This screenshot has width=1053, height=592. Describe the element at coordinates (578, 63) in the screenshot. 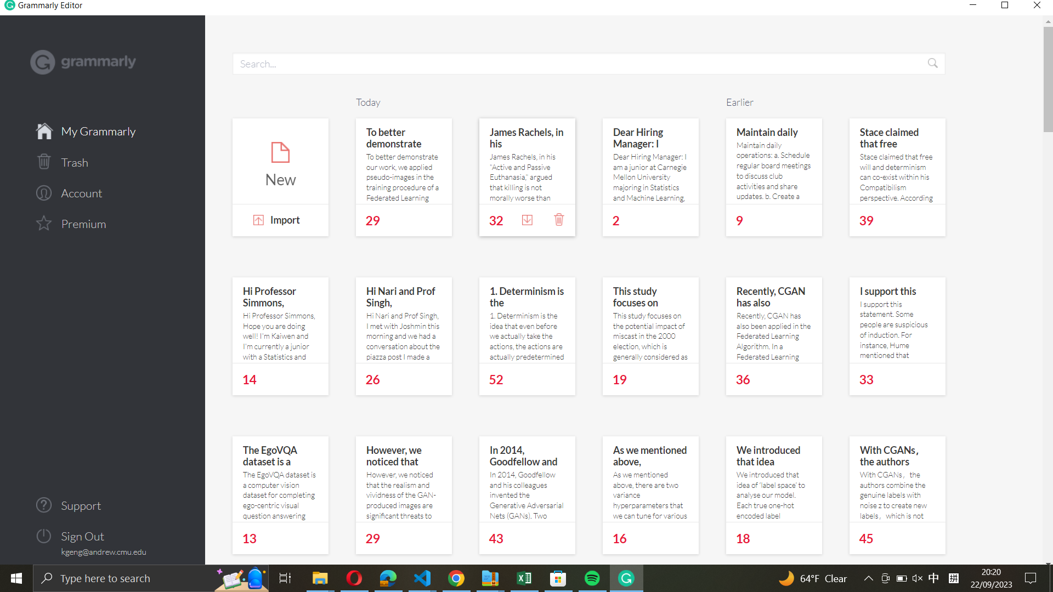

I see `Locate files named "Hi Nari and Prof Singh` at that location.